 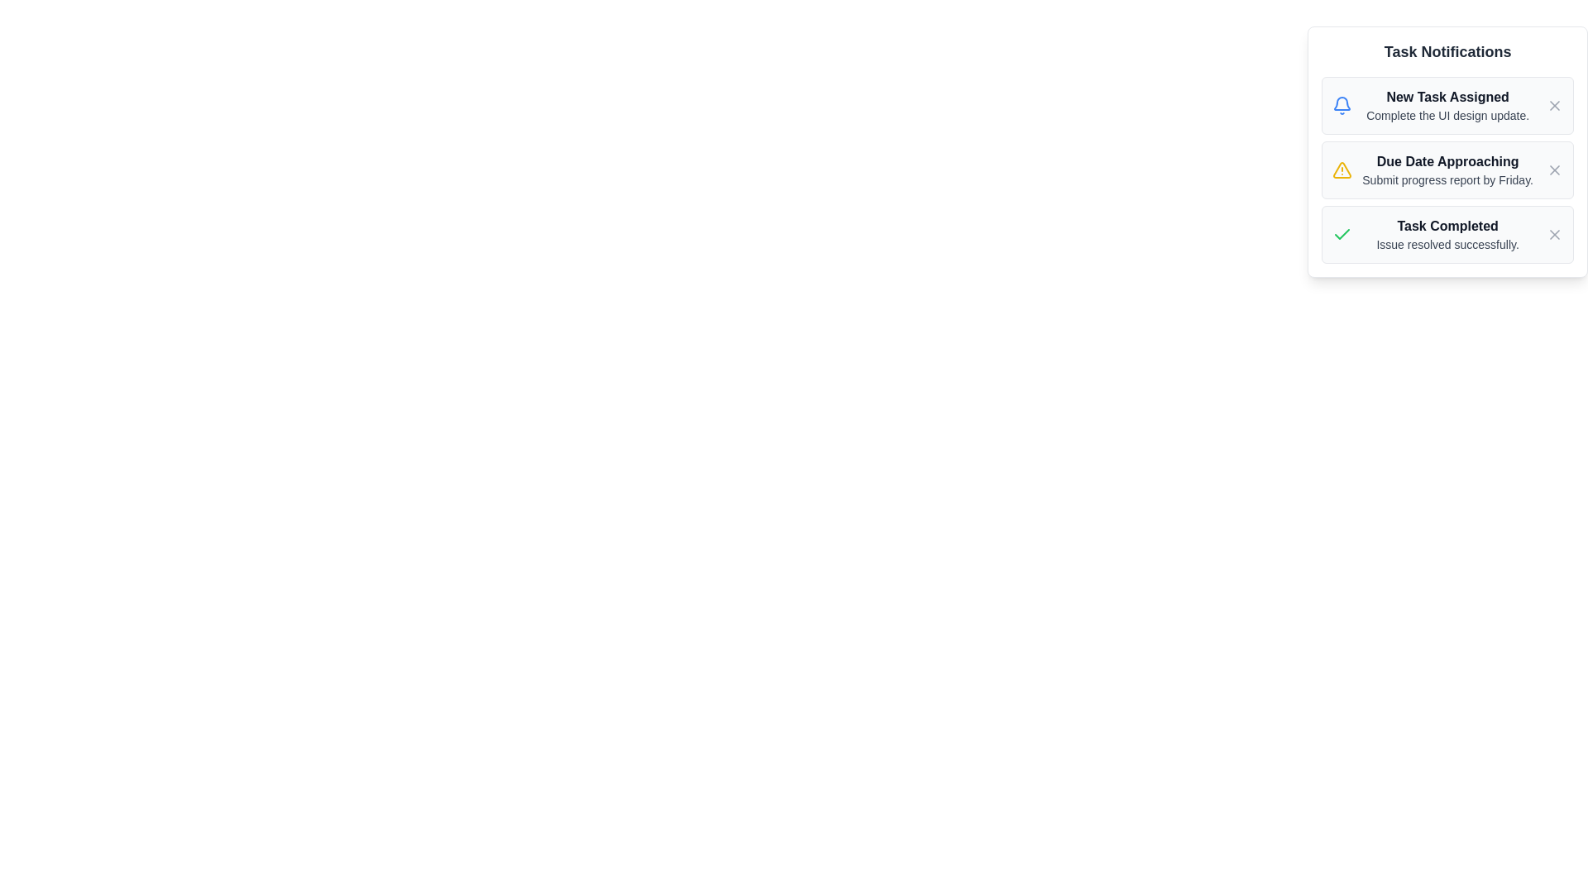 I want to click on the Notification item displaying 'Task Completed' with a subtitle 'Issue resolved successfully' in the 'Task Notifications' section, so click(x=1447, y=235).